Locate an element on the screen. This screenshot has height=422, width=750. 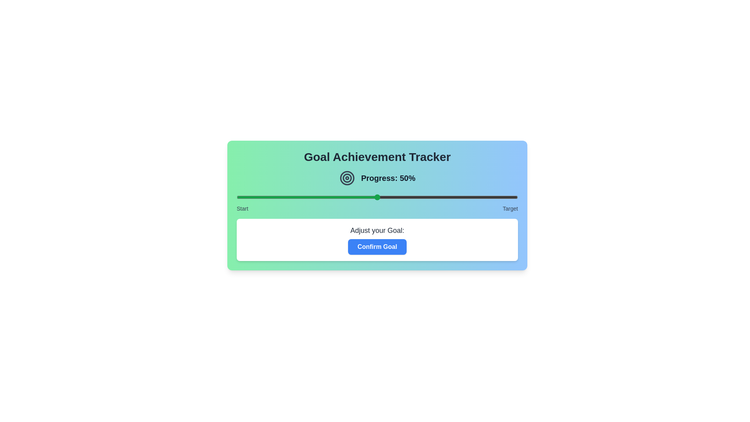
the 'Confirm Goal' button to save the selected goal is located at coordinates (377, 247).